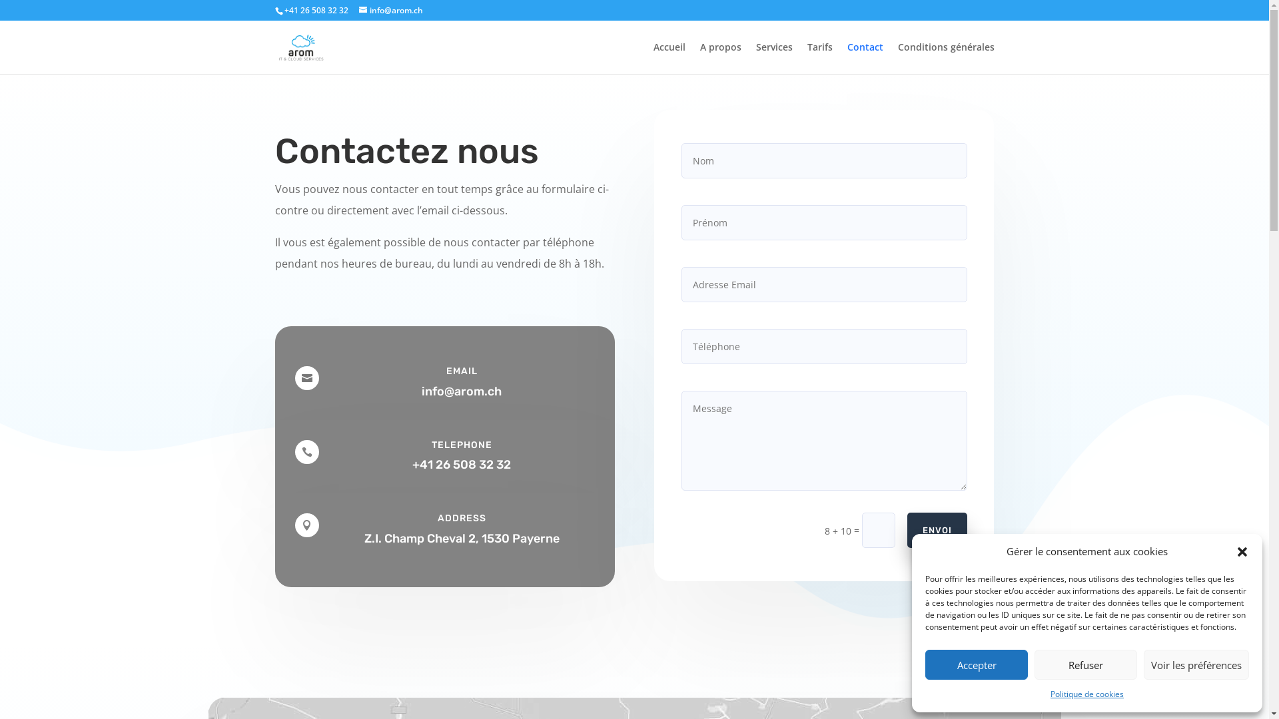 The image size is (1279, 719). I want to click on 'Contact', so click(865, 57).